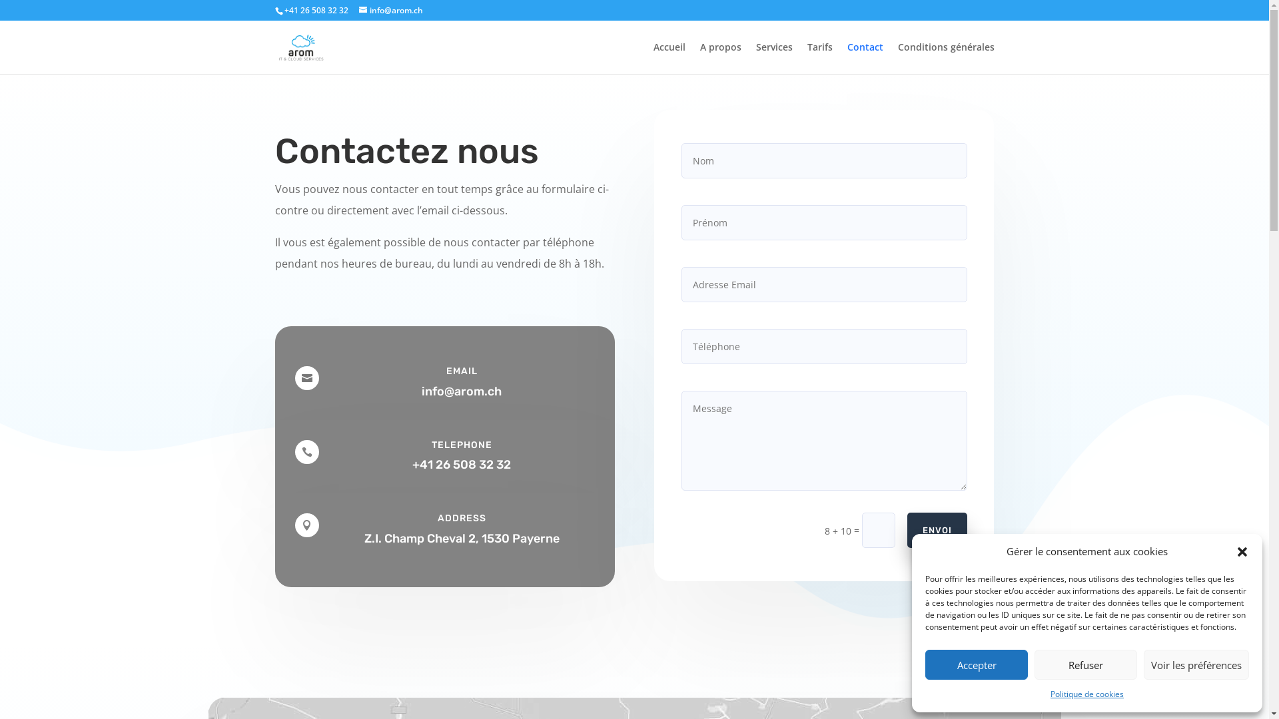 The image size is (1279, 719). I want to click on 'Contact', so click(865, 57).